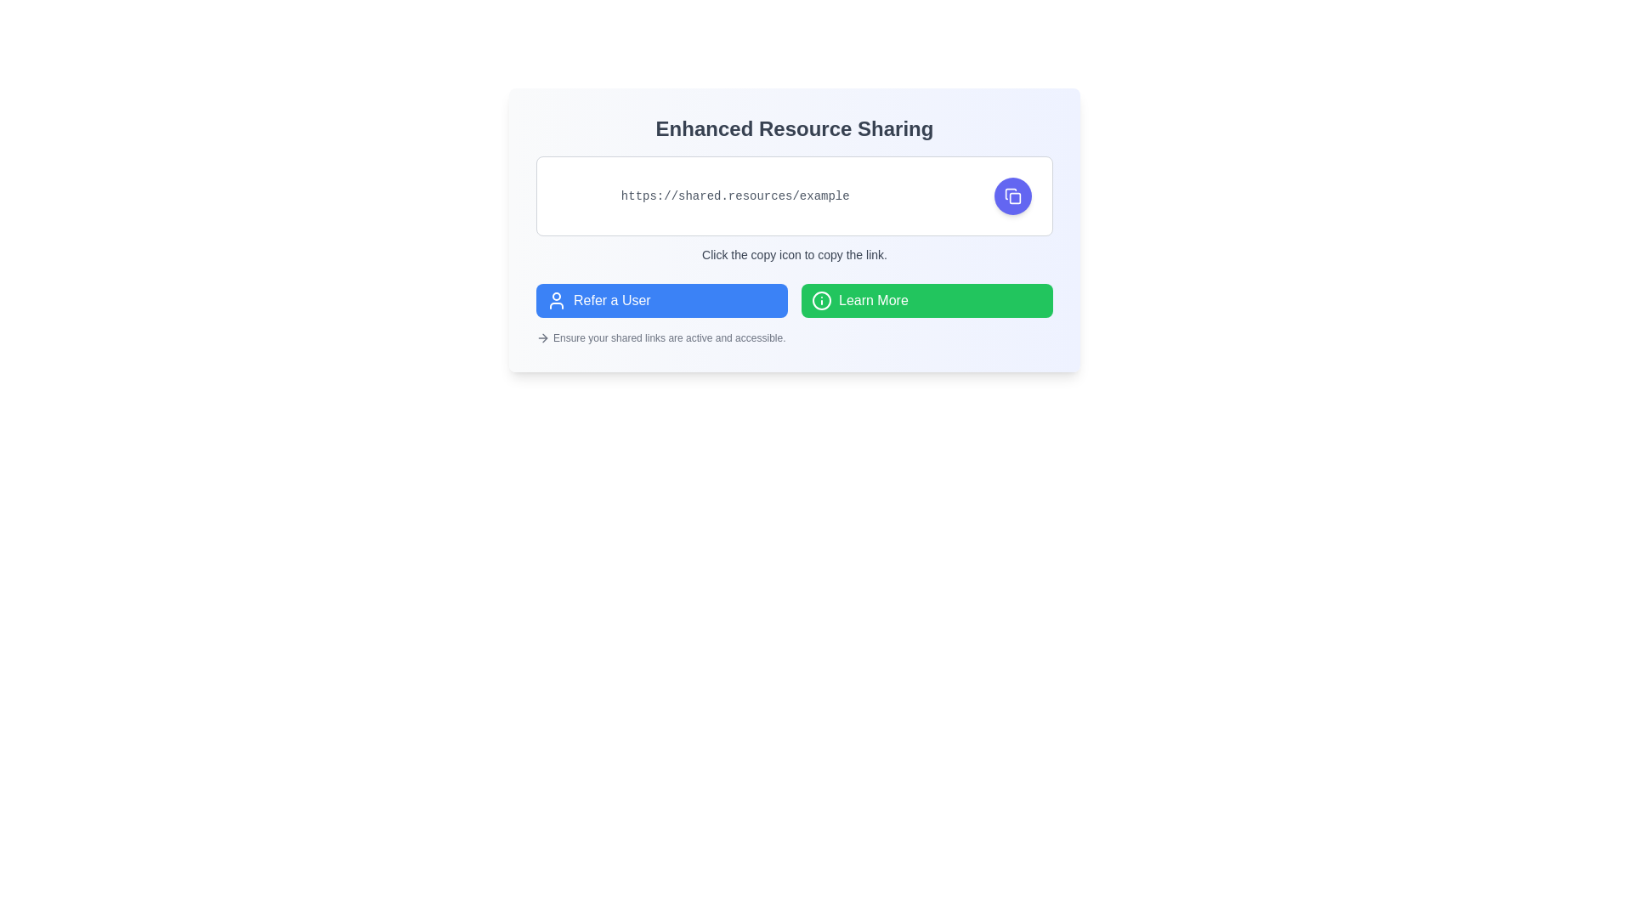 The image size is (1632, 918). Describe the element at coordinates (541, 337) in the screenshot. I see `the arrow icon positioned at the left end of the text section at the bottom of the card interface, which serves as a visual indicator for the adjacent information text` at that location.